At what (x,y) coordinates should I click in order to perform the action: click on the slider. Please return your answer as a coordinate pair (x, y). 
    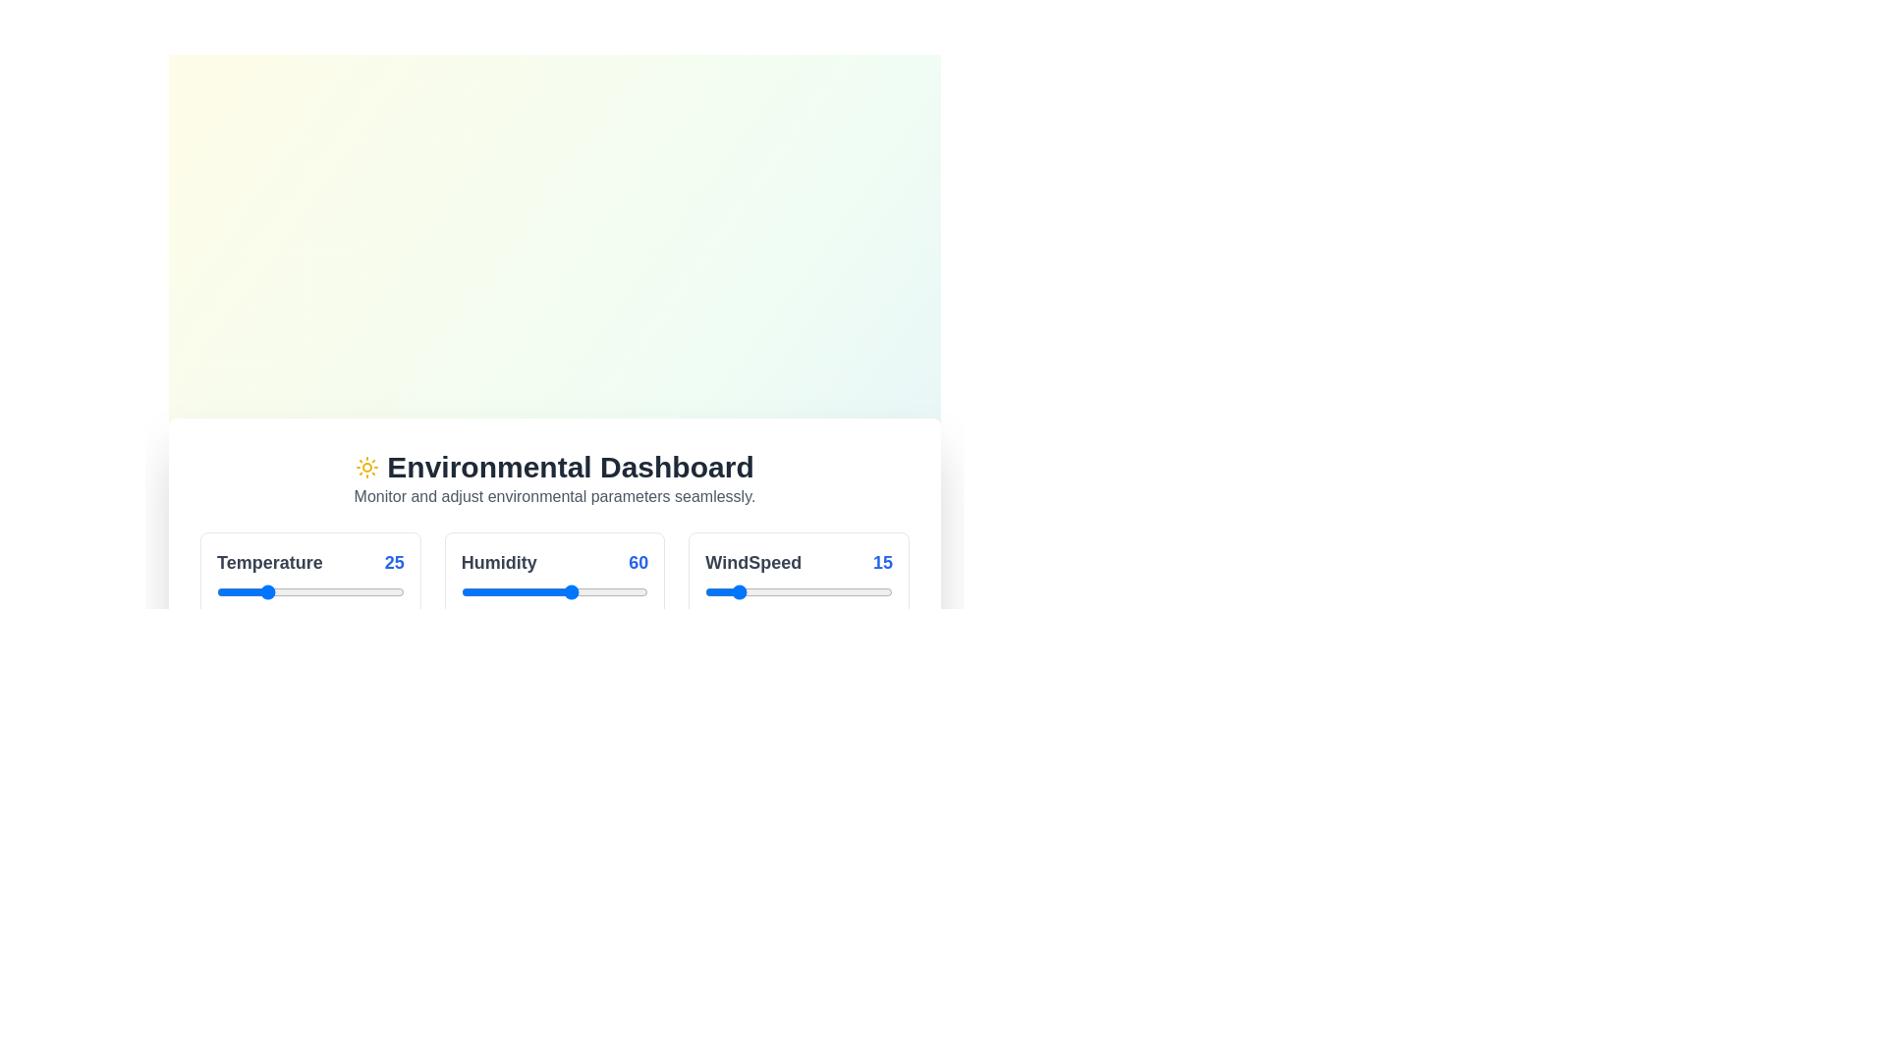
    Looking at the image, I should click on (224, 590).